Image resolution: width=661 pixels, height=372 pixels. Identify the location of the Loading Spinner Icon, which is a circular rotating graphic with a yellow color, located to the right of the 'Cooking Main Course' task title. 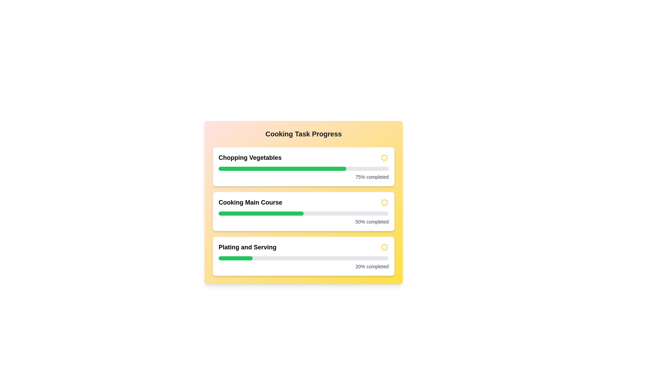
(384, 202).